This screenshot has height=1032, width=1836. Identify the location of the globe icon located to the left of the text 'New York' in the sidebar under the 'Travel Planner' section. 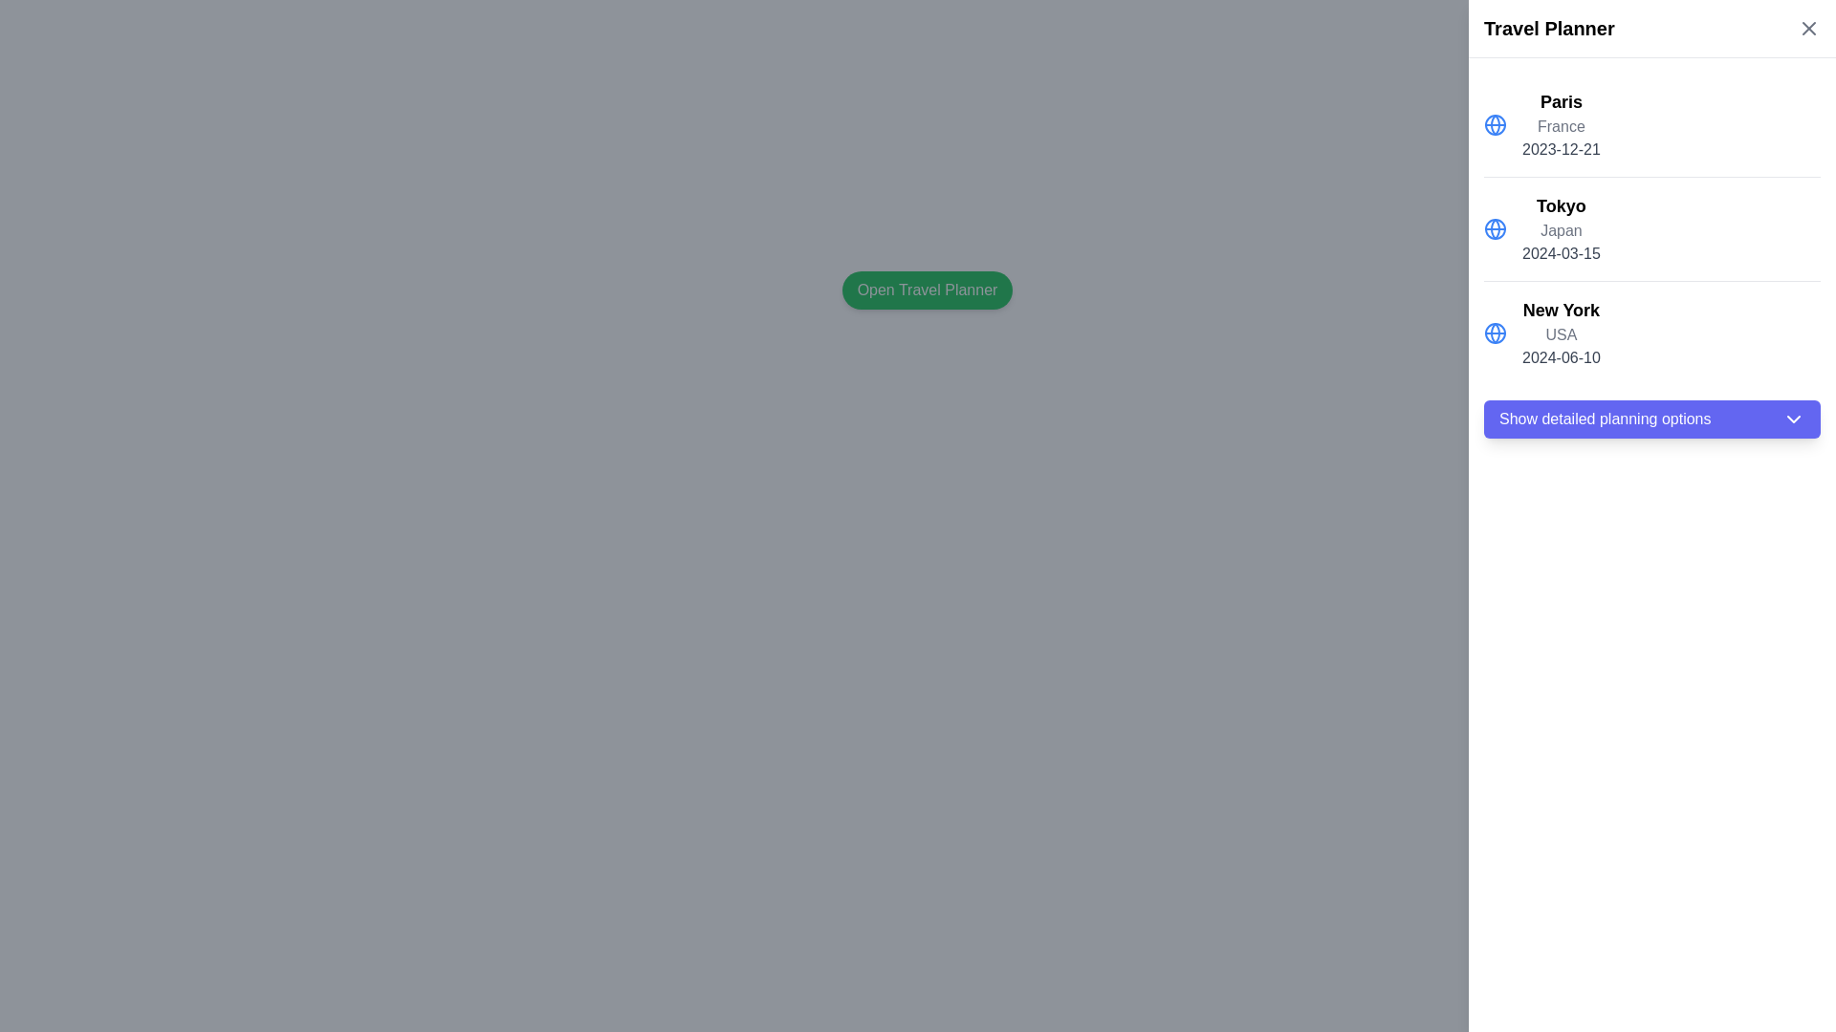
(1495, 332).